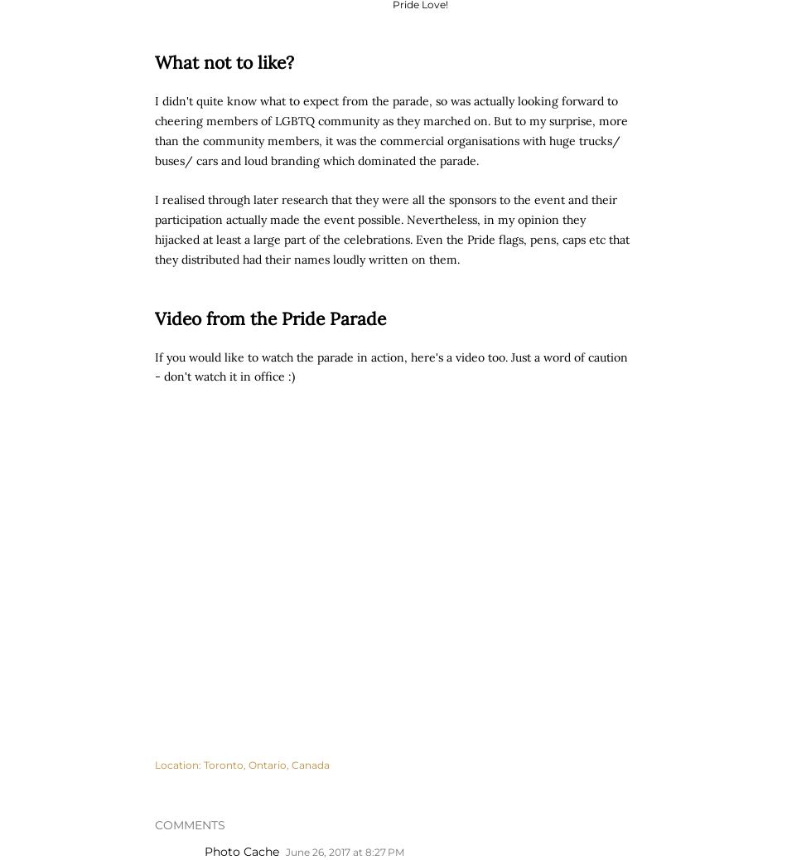  Describe the element at coordinates (154, 365) in the screenshot. I see `'If you would like to watch the parade in action, here's a video too. Just a word of caution - don't watch it in office :)'` at that location.